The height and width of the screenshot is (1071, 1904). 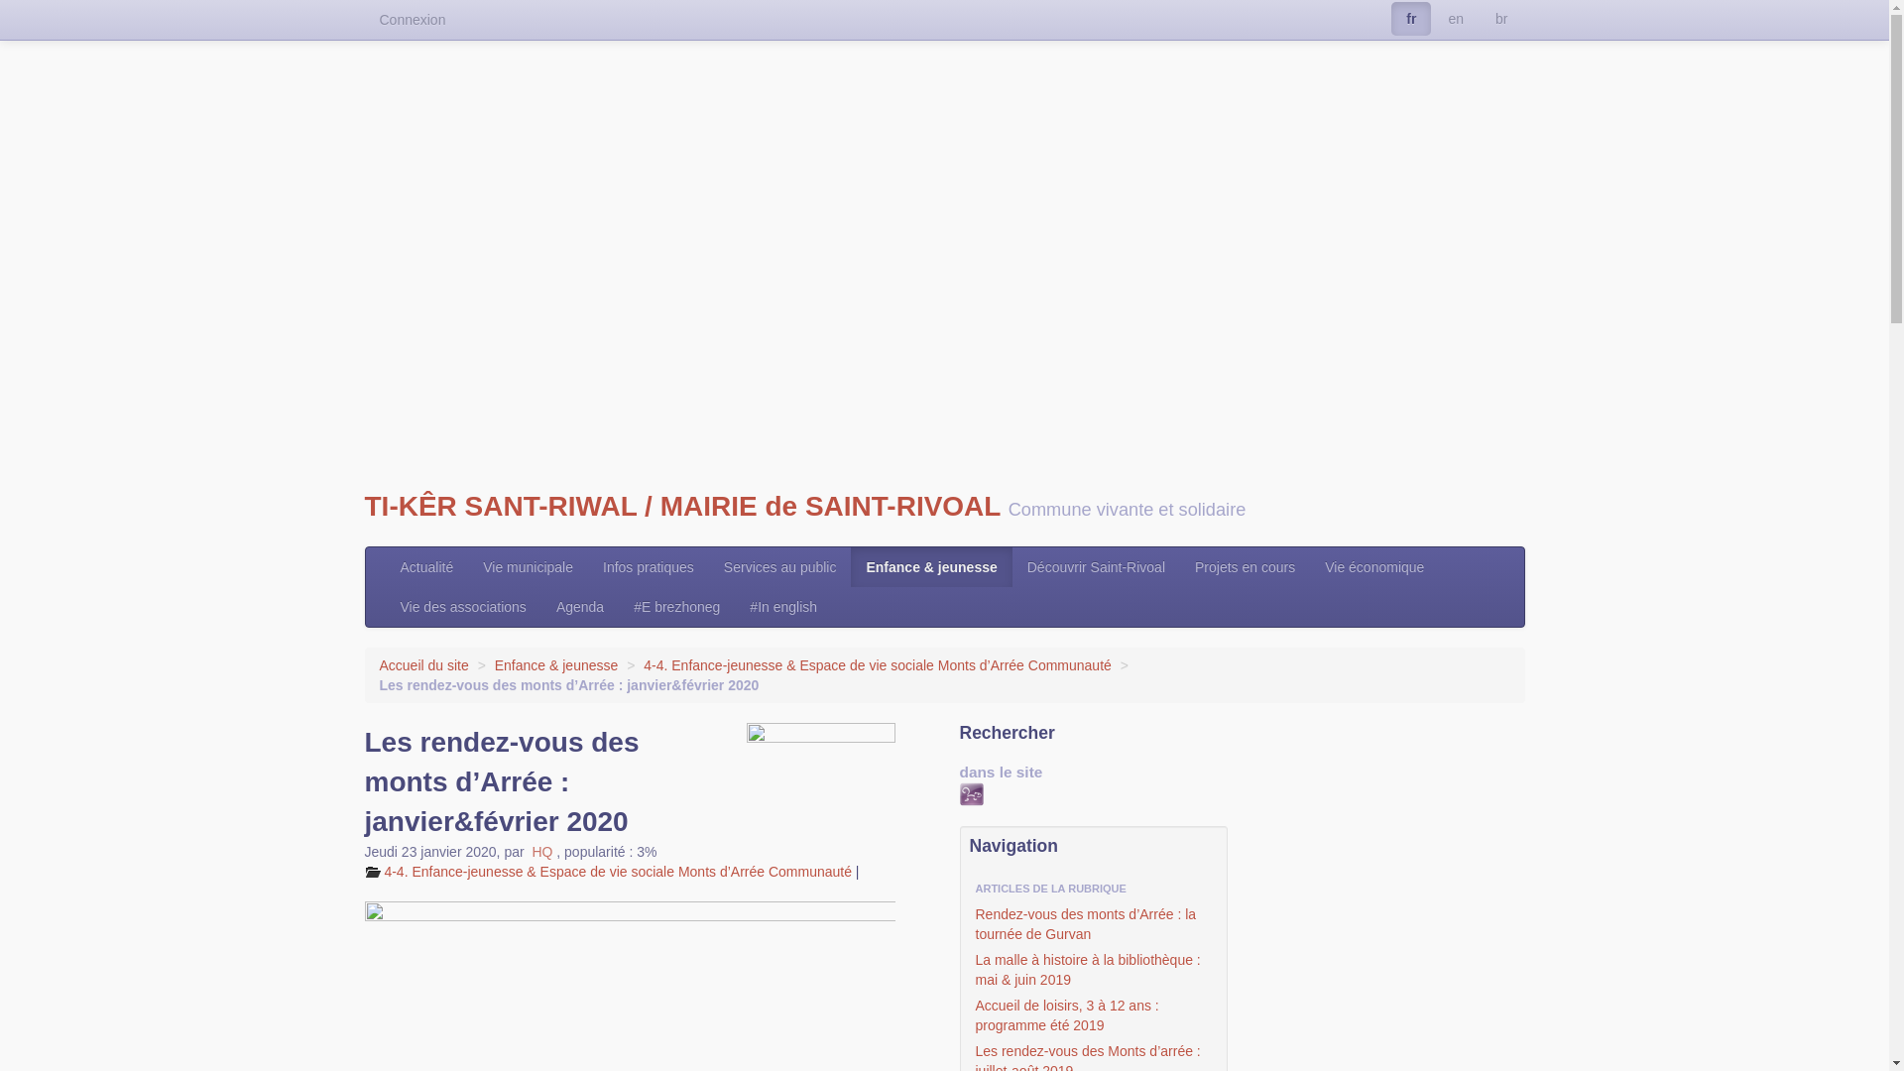 I want to click on 'Projets en cours', so click(x=1180, y=566).